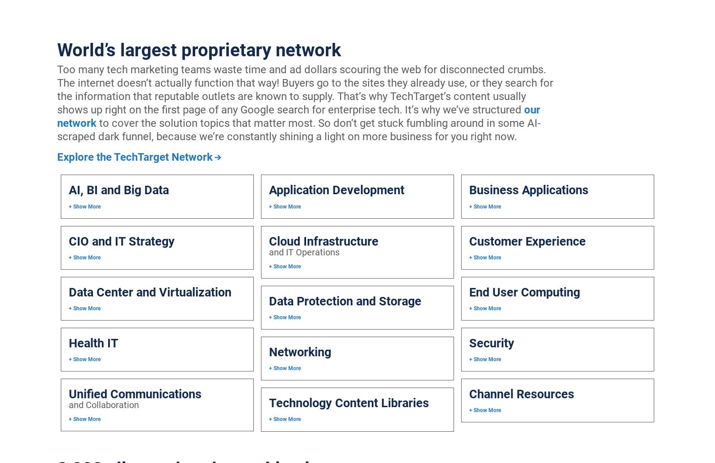  What do you see at coordinates (521, 394) in the screenshot?
I see `'Channel Resources'` at bounding box center [521, 394].